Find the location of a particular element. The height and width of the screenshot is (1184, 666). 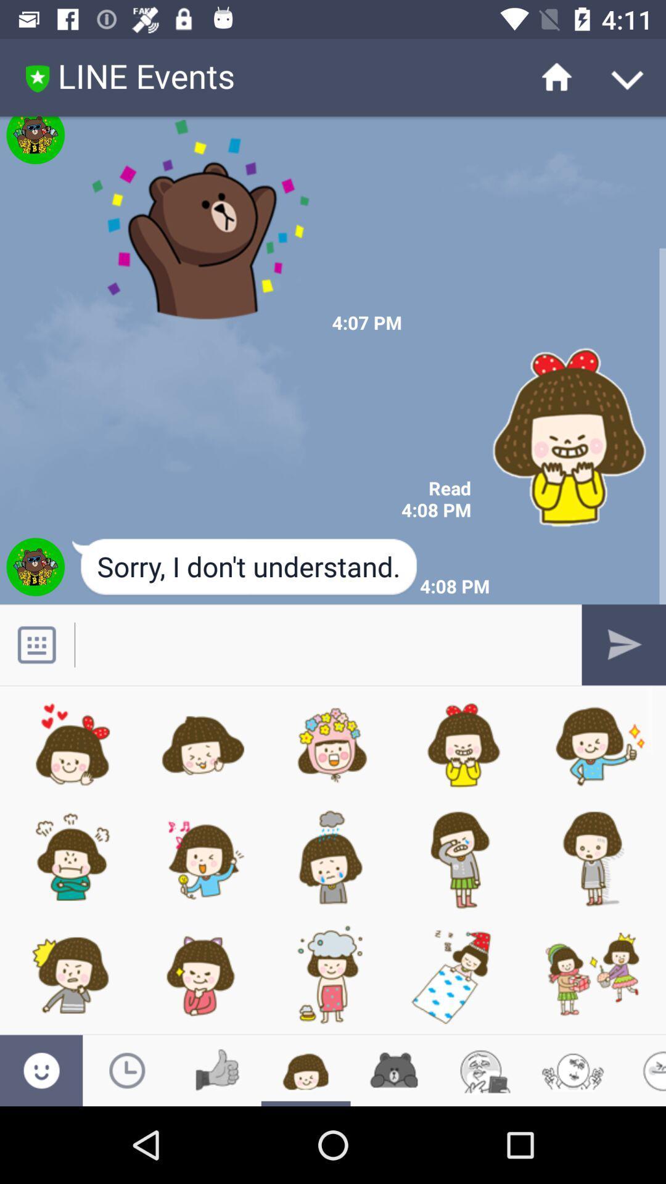

the emoji icon is located at coordinates (483, 1070).